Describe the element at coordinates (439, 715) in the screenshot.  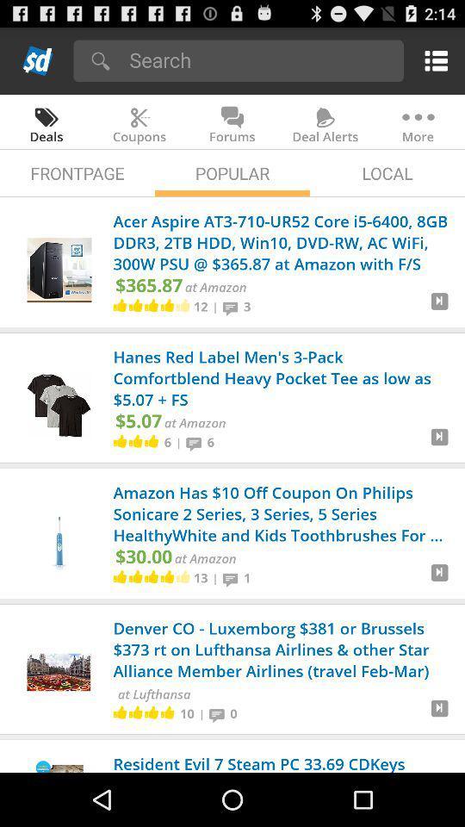
I see `deal` at that location.